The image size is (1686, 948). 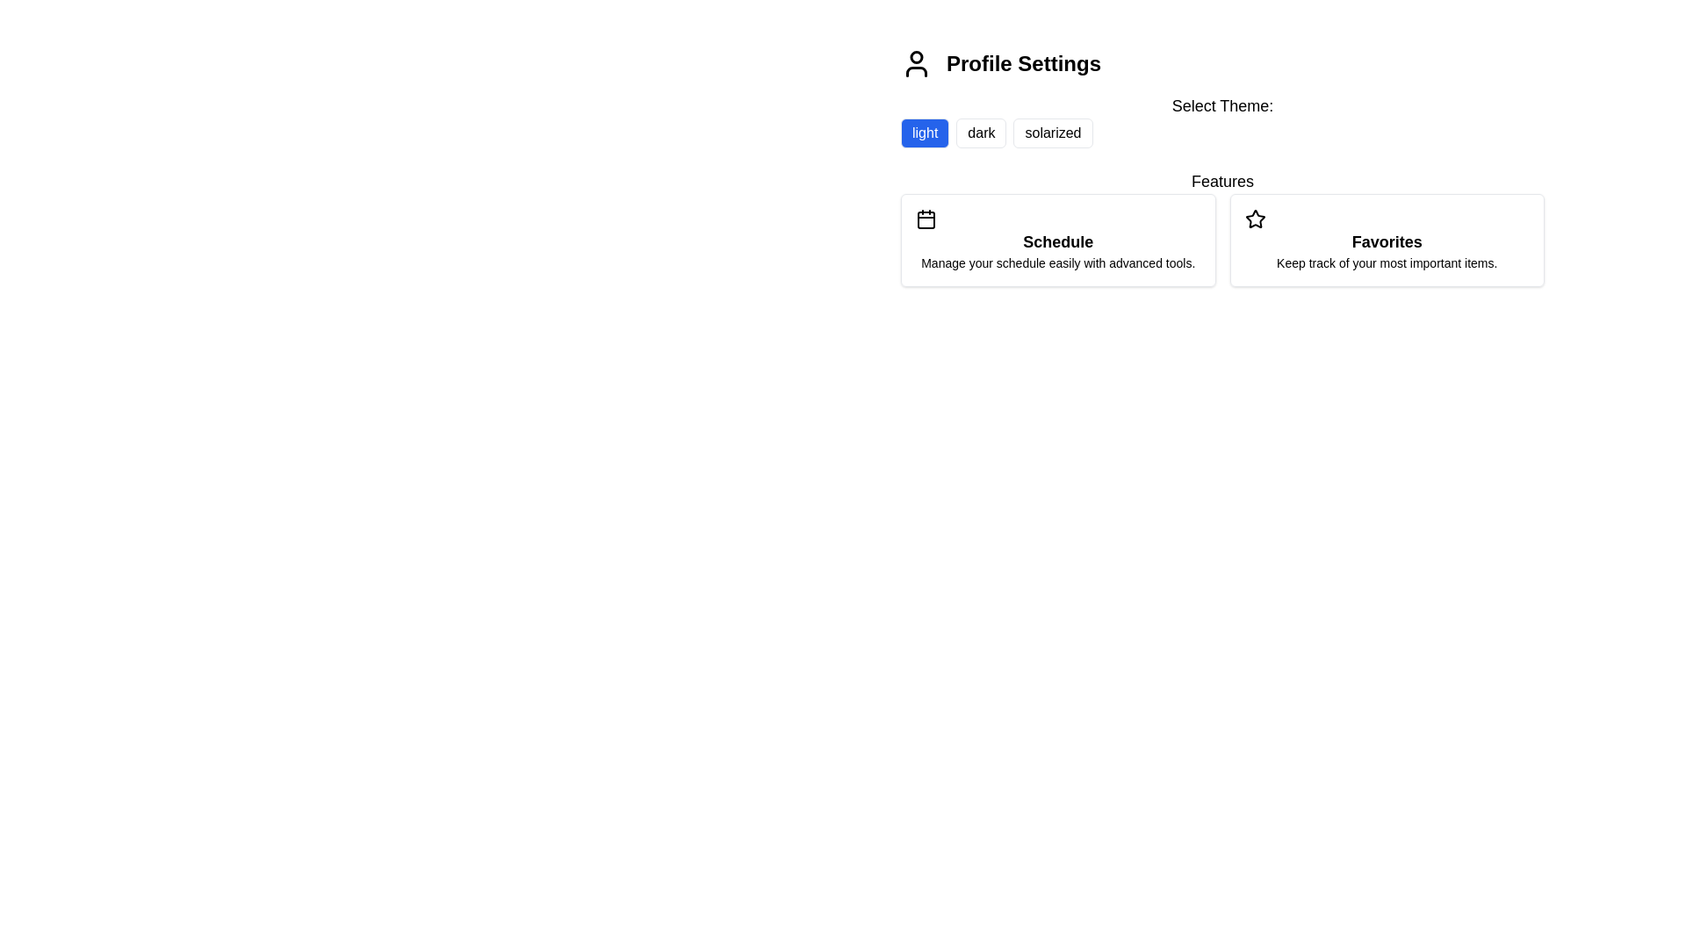 What do you see at coordinates (1057, 263) in the screenshot?
I see `text label displaying 'Manage your schedule easily with advanced tools.' located at the bottom of the 'Schedule' card` at bounding box center [1057, 263].